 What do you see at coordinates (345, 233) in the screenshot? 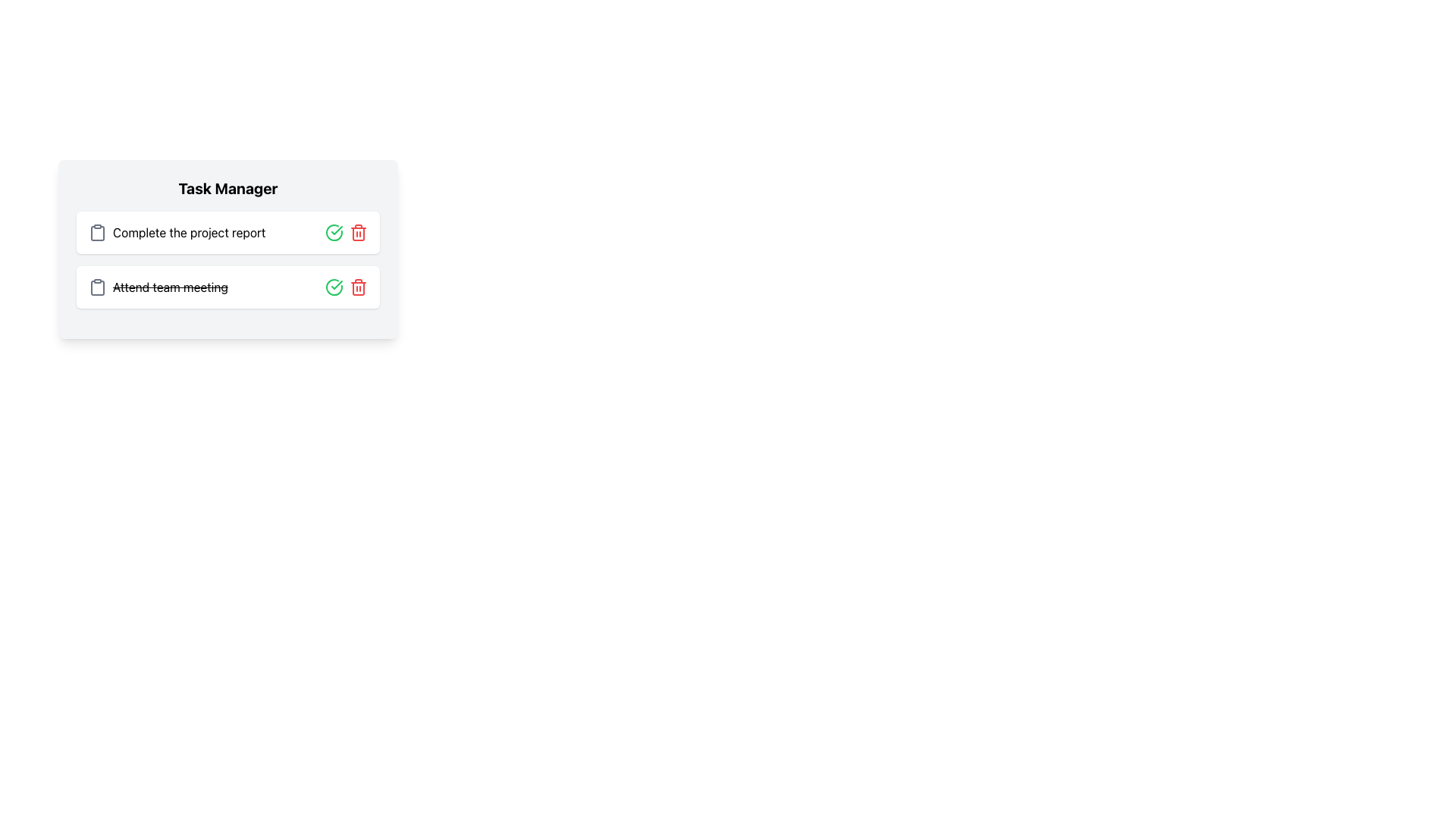
I see `the composite action buttons consisting of a green checkmark and a red trash bin icon located in the 'Complete the project report' task row` at bounding box center [345, 233].